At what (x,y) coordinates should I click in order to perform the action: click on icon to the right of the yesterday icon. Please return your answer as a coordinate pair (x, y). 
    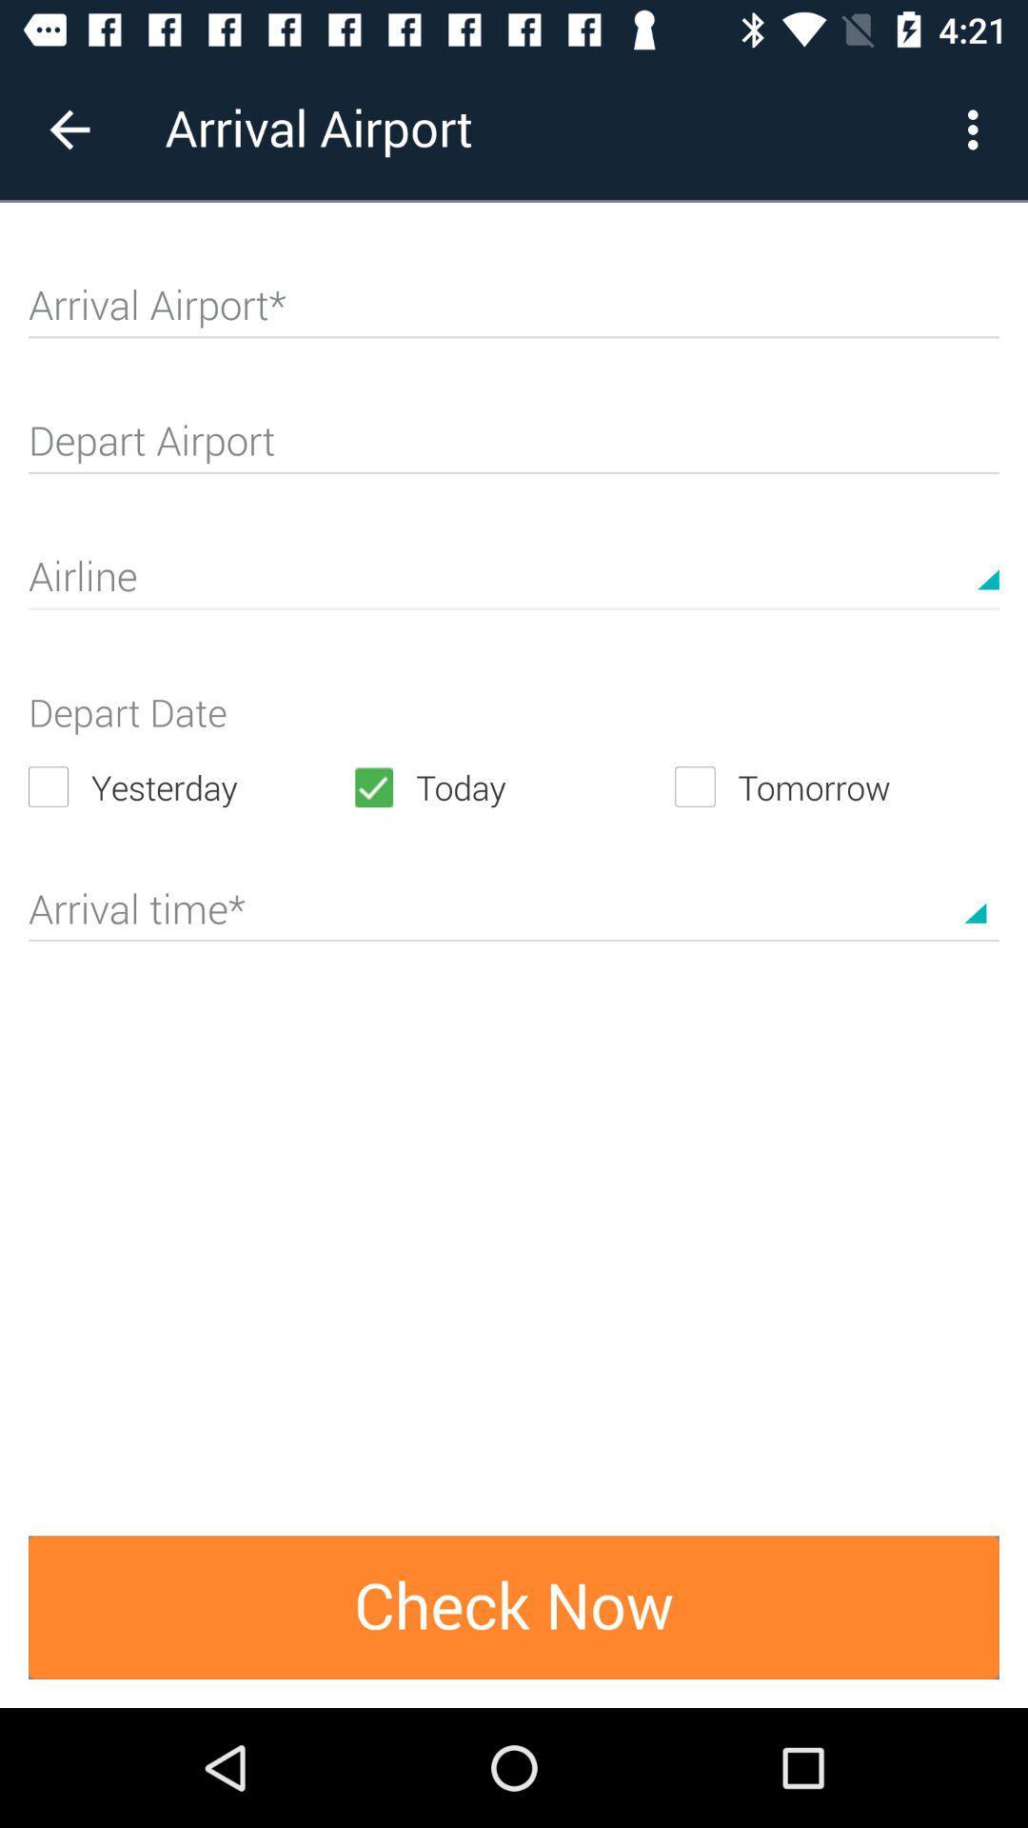
    Looking at the image, I should click on (512, 786).